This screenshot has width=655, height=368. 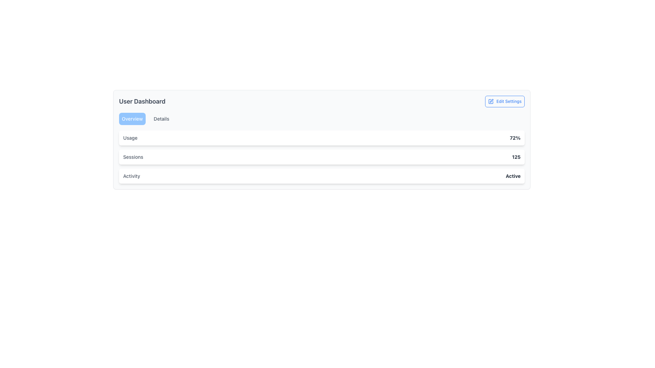 I want to click on the 'Edit Settings' icon located to the left of the 'Edit Settings' text within the button in the upper-right corner of the 'User Dashboard' card for accessibility purposes, so click(x=491, y=101).